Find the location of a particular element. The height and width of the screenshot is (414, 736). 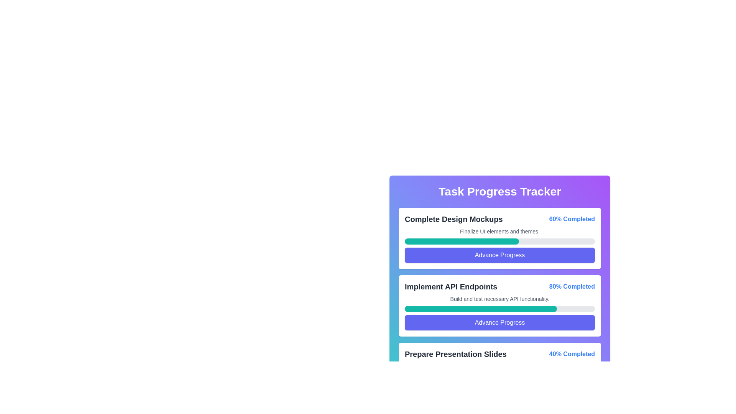

the static text displaying '40% Completed' in a bold blue font, which is positioned next to the 'Prepare Presentation Slides' label at the far right of the task list is located at coordinates (572, 354).